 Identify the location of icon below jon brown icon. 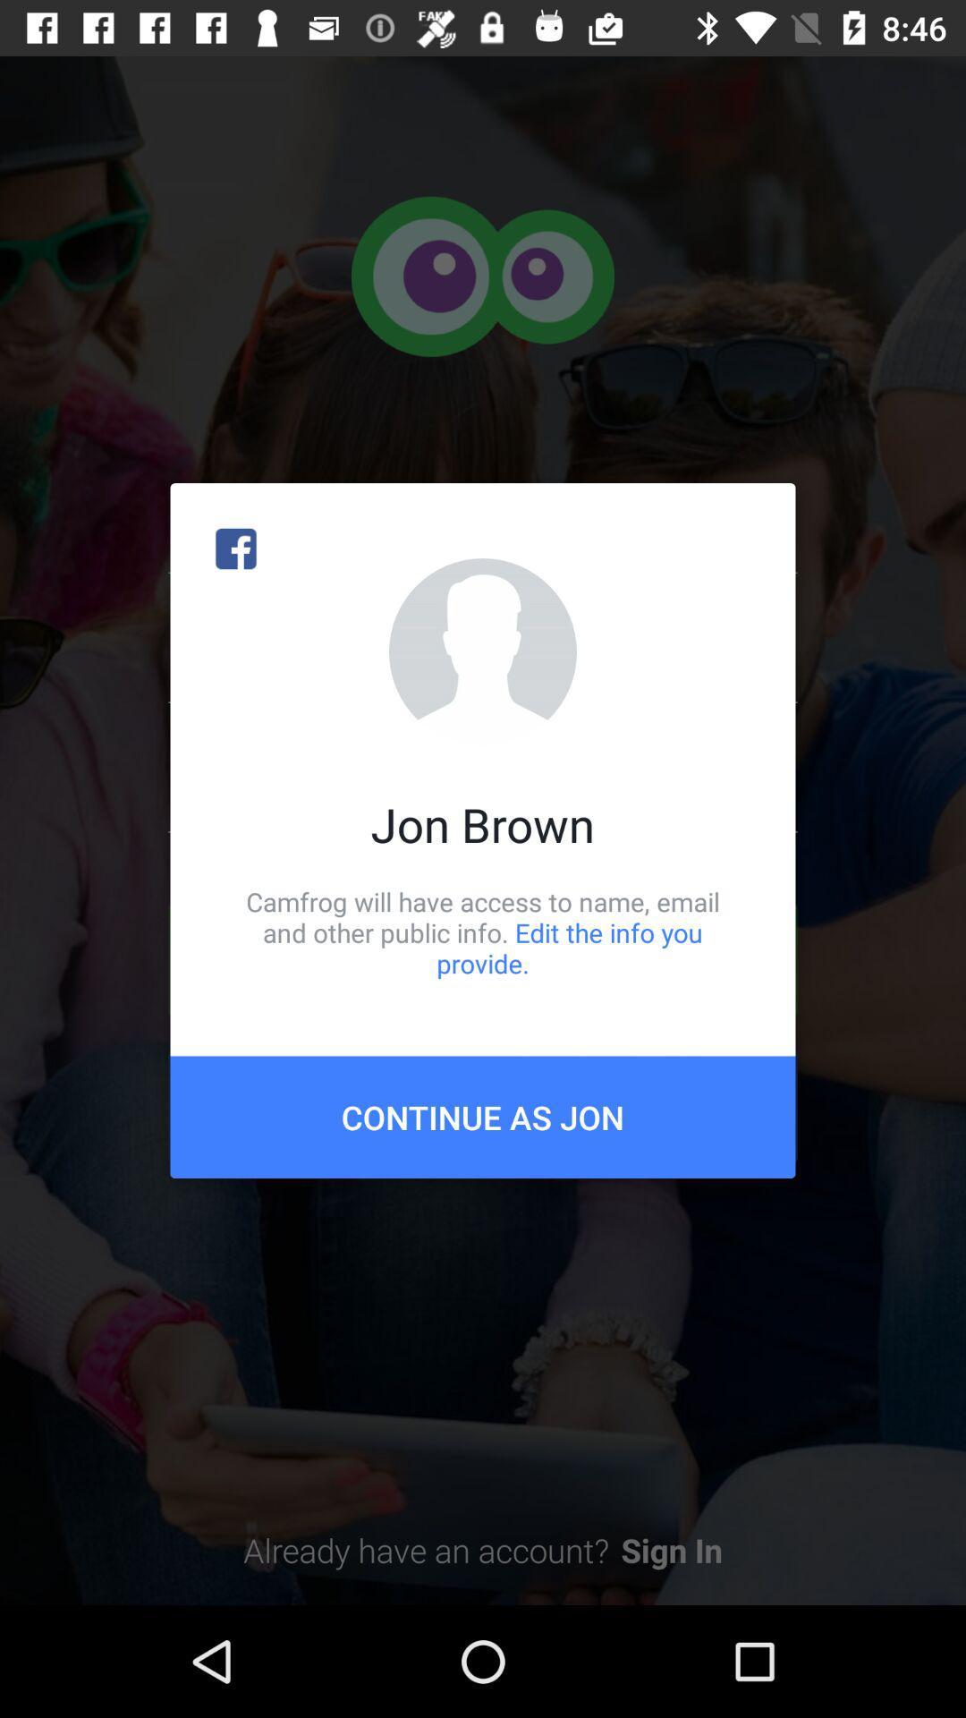
(483, 931).